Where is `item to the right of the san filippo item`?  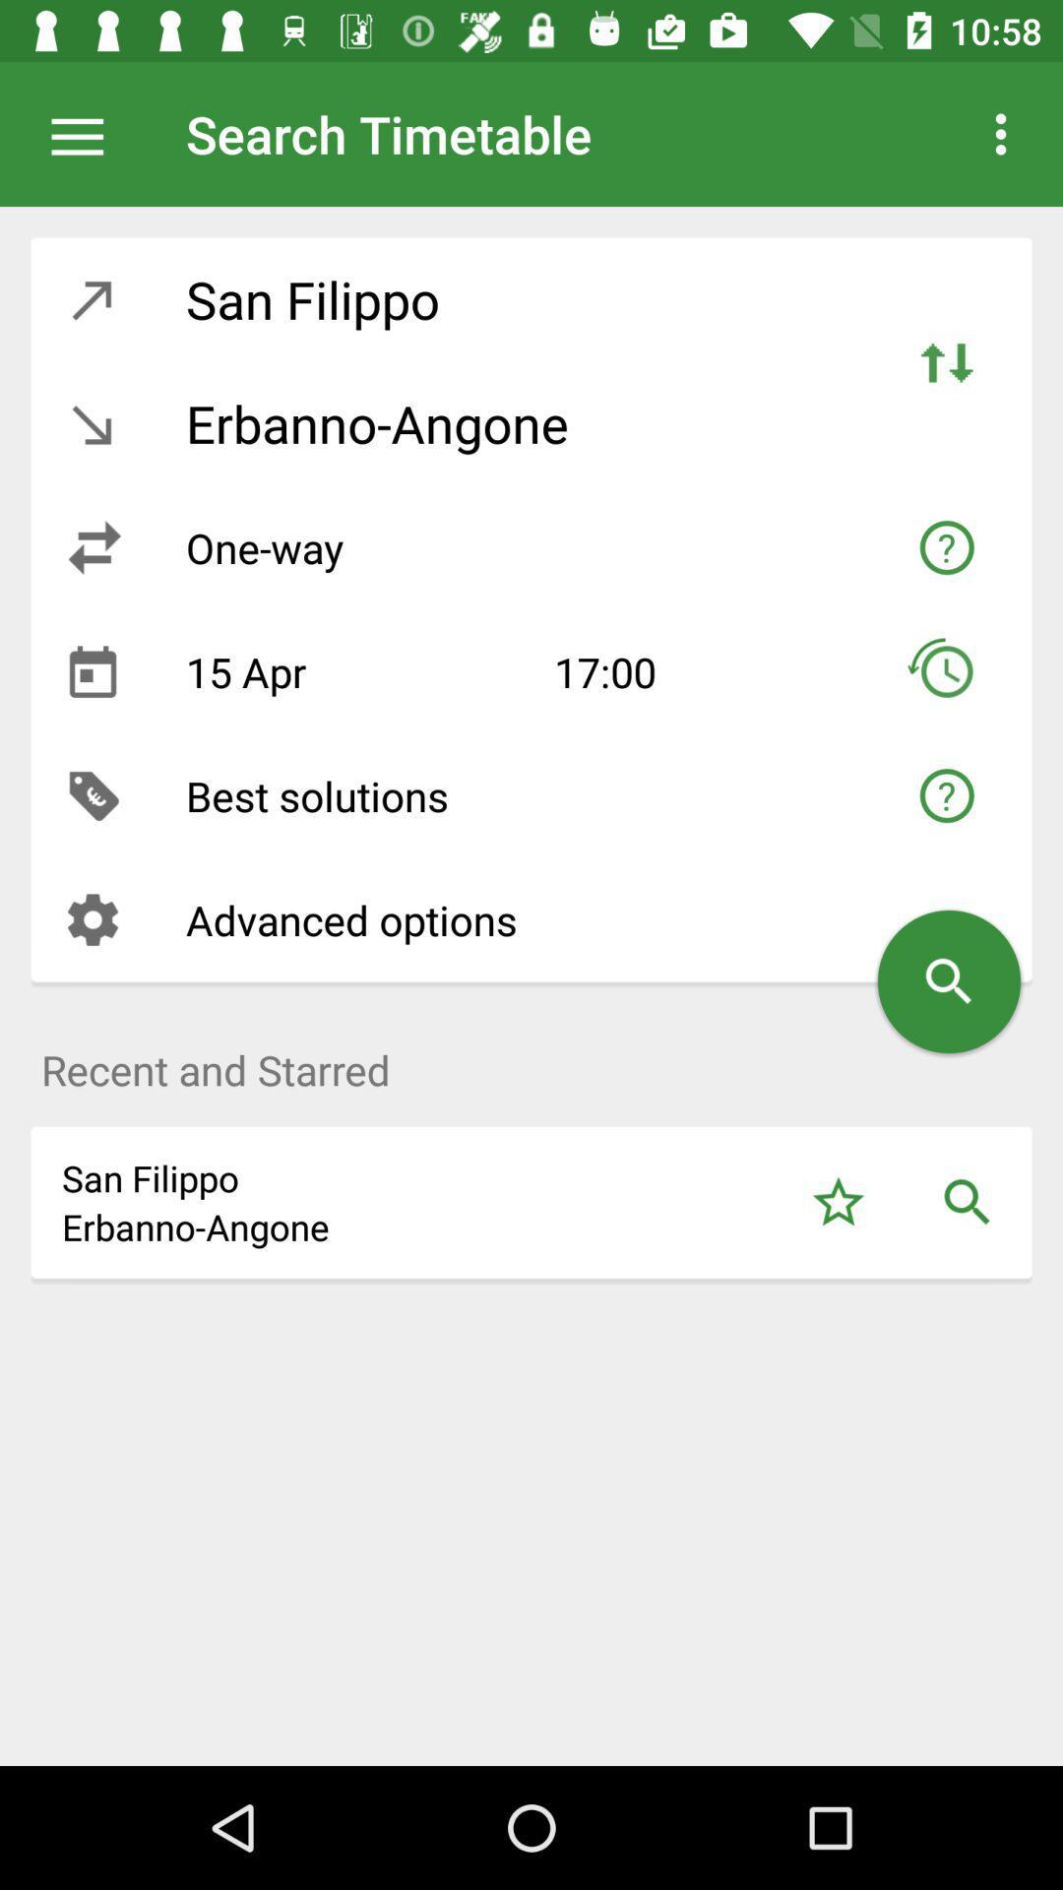 item to the right of the san filippo item is located at coordinates (838, 1201).